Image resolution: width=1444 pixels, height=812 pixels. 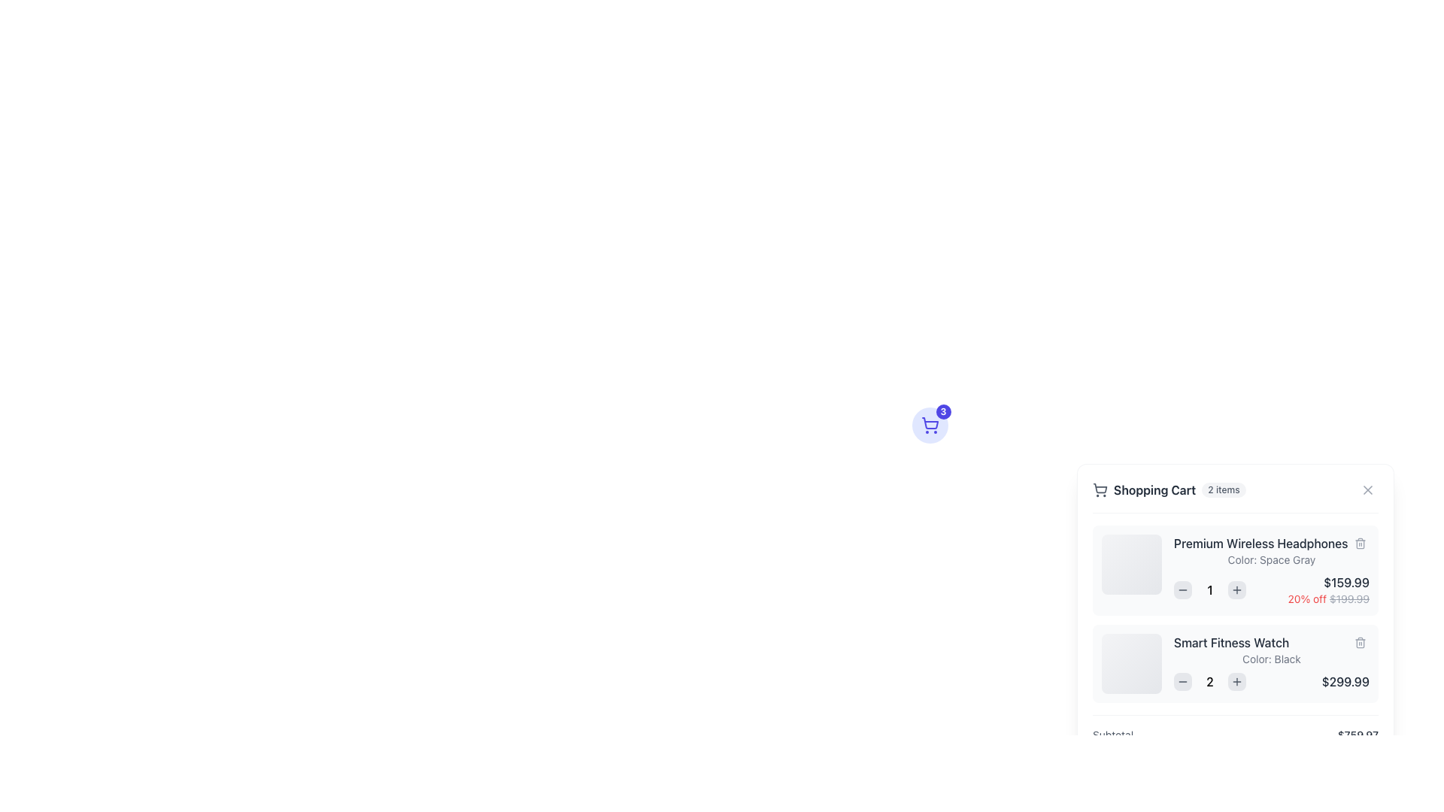 I want to click on the text label displaying 'Premium Wireless Headphones' in the Shopping Cart section, which is the first row in the item list, so click(x=1260, y=543).